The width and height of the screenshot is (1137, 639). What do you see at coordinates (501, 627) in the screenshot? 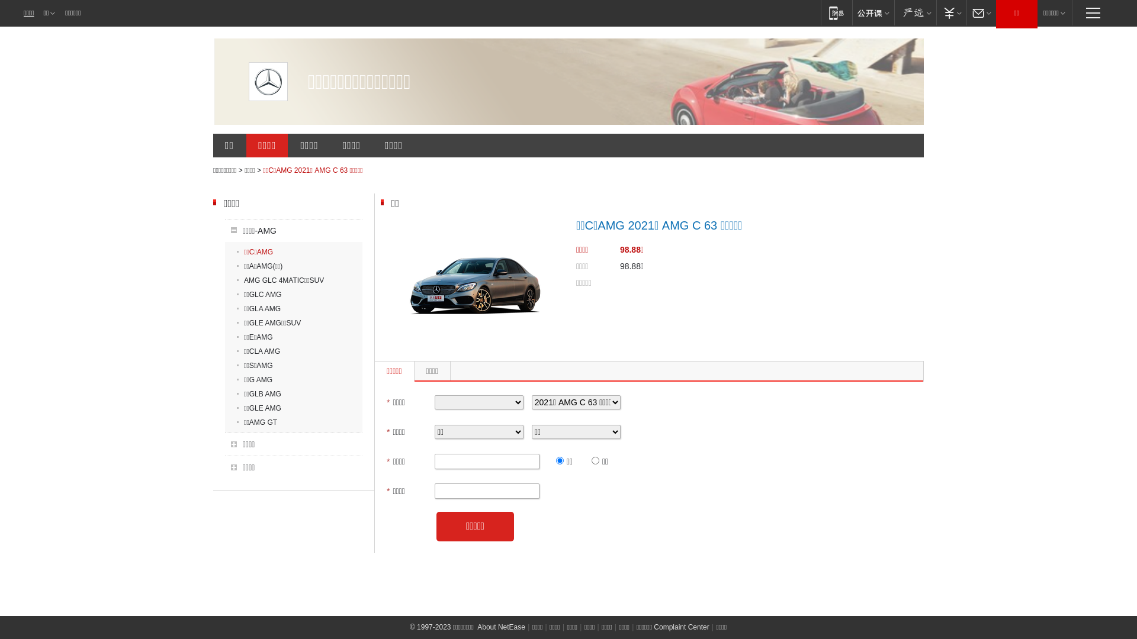
I see `'About NetEase'` at bounding box center [501, 627].